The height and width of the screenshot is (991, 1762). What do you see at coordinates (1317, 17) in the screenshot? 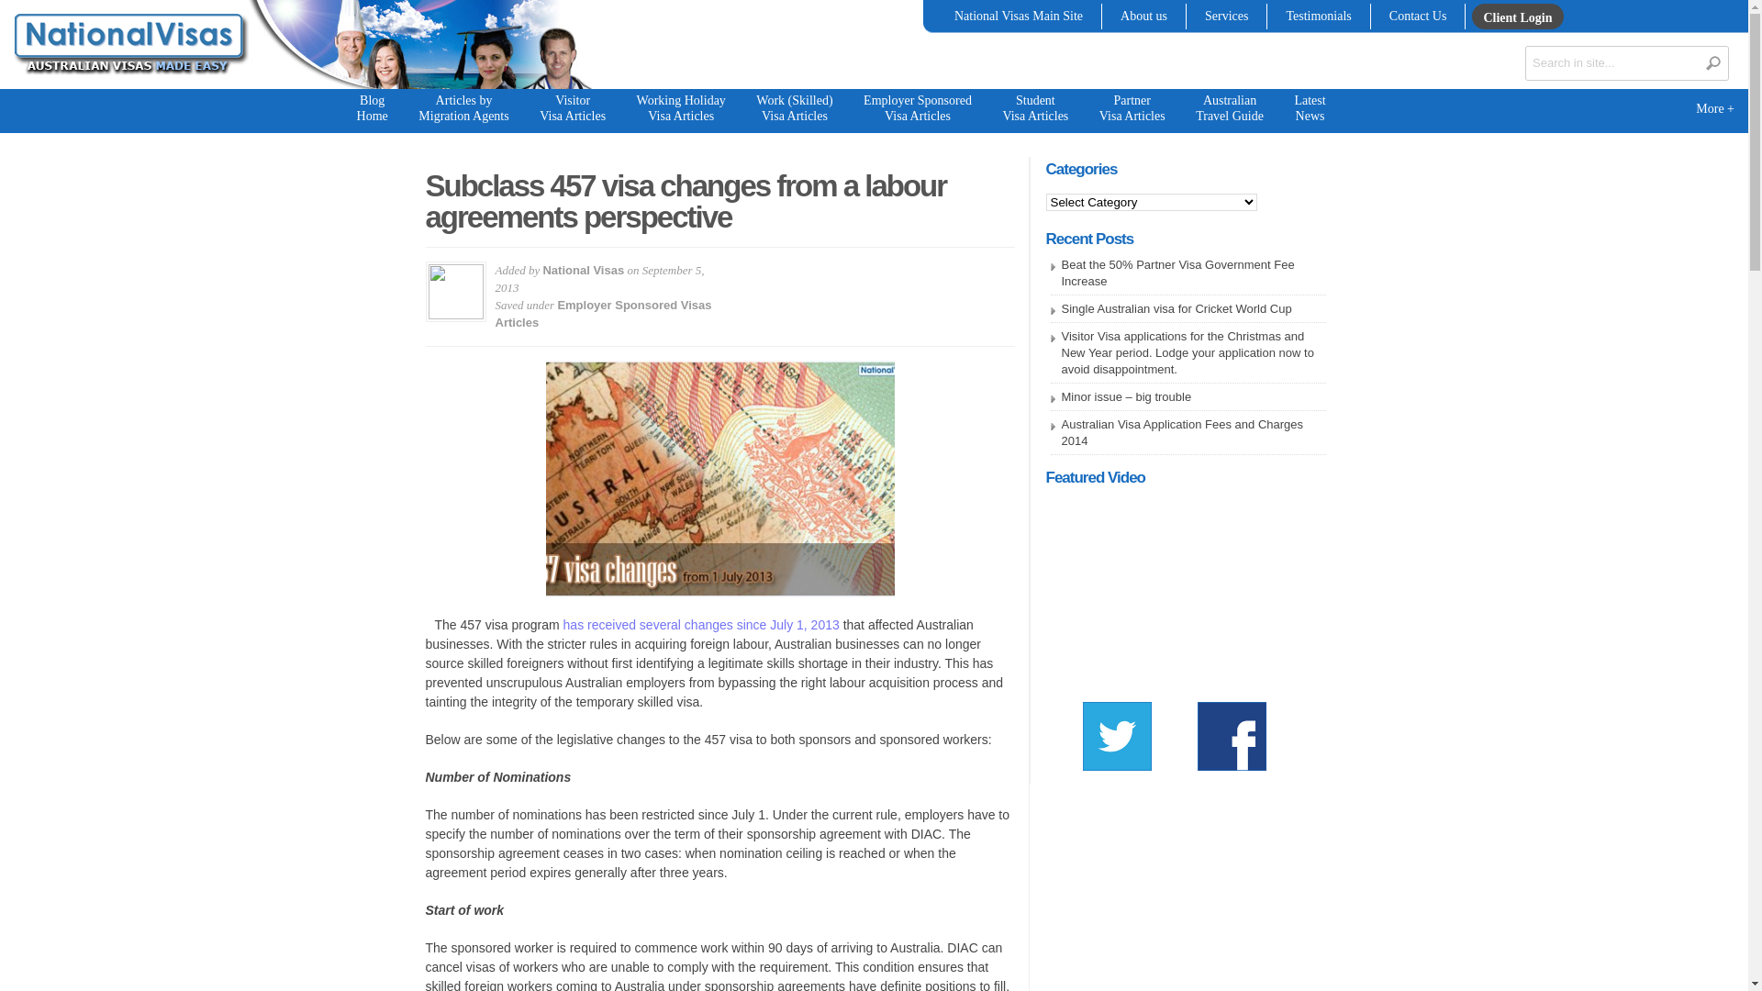
I see `'Testimonials'` at bounding box center [1317, 17].